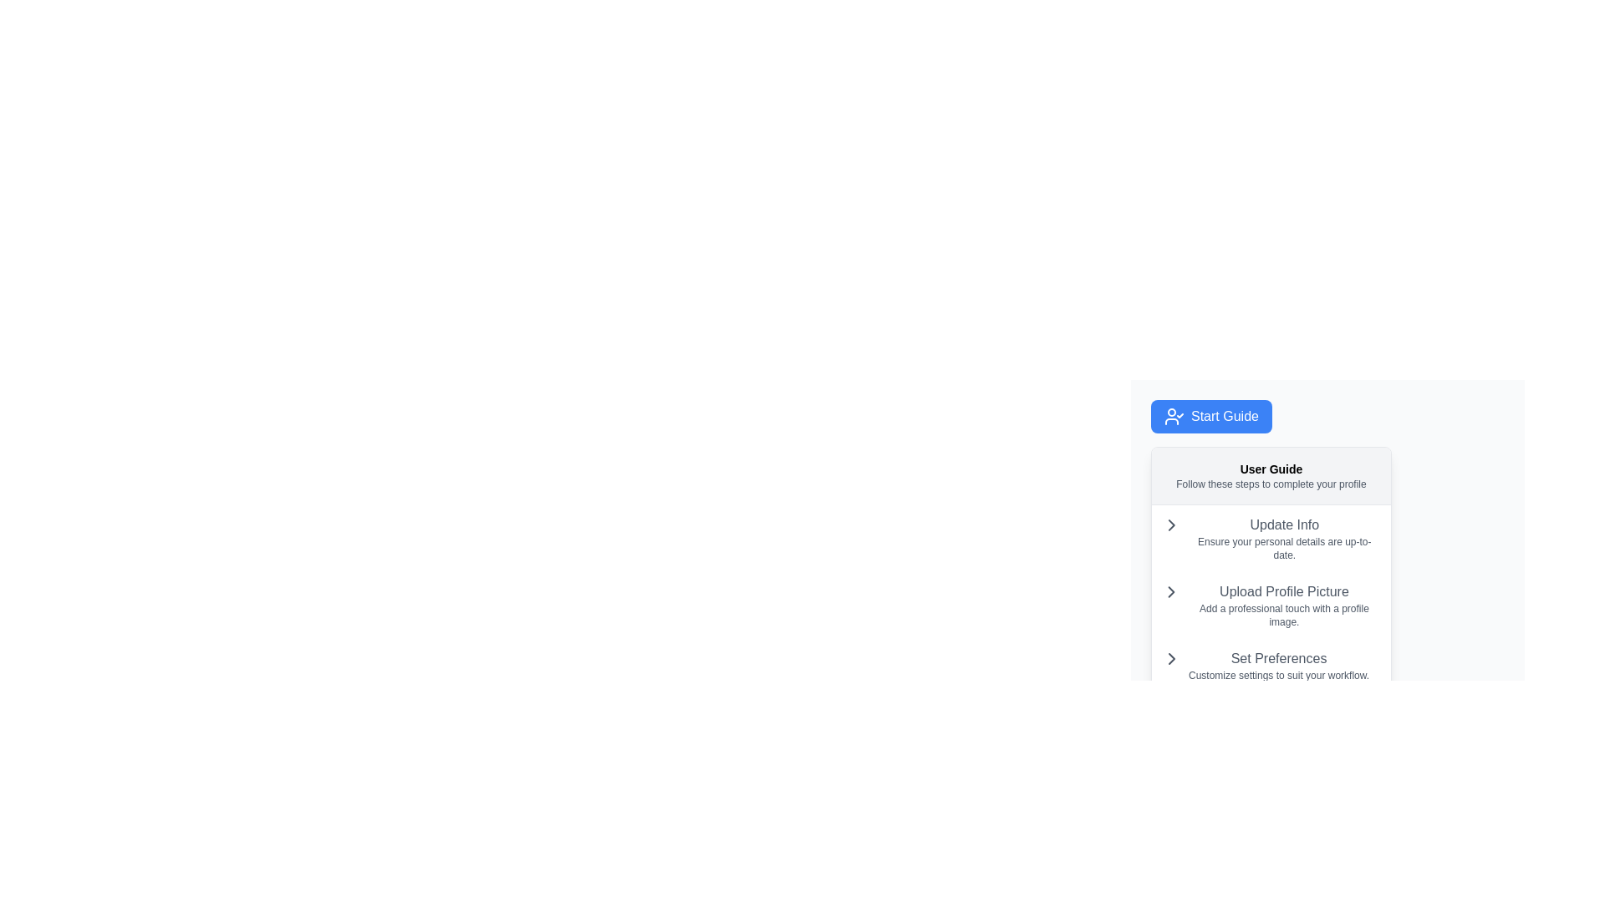 This screenshot has width=1605, height=902. What do you see at coordinates (1170, 591) in the screenshot?
I see `the right-pointing chevron icon with a thin, dark outline that is located to the left of the 'Upload Profile Picture' entry in the vertical navigation menu` at bounding box center [1170, 591].